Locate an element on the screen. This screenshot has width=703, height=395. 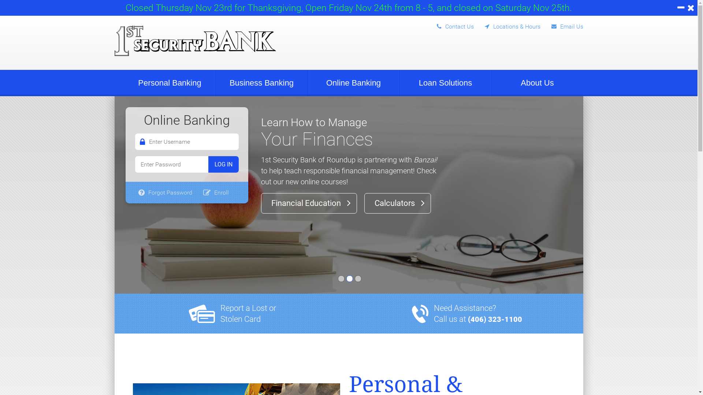
'Enroll' is located at coordinates (216, 192).